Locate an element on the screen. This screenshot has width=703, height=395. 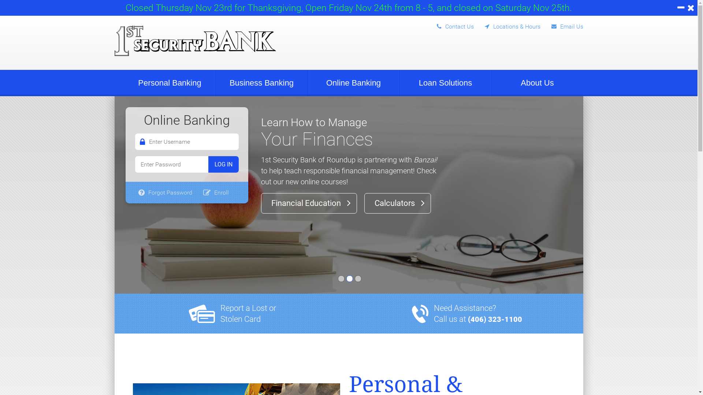
'Enroll' is located at coordinates (216, 192).